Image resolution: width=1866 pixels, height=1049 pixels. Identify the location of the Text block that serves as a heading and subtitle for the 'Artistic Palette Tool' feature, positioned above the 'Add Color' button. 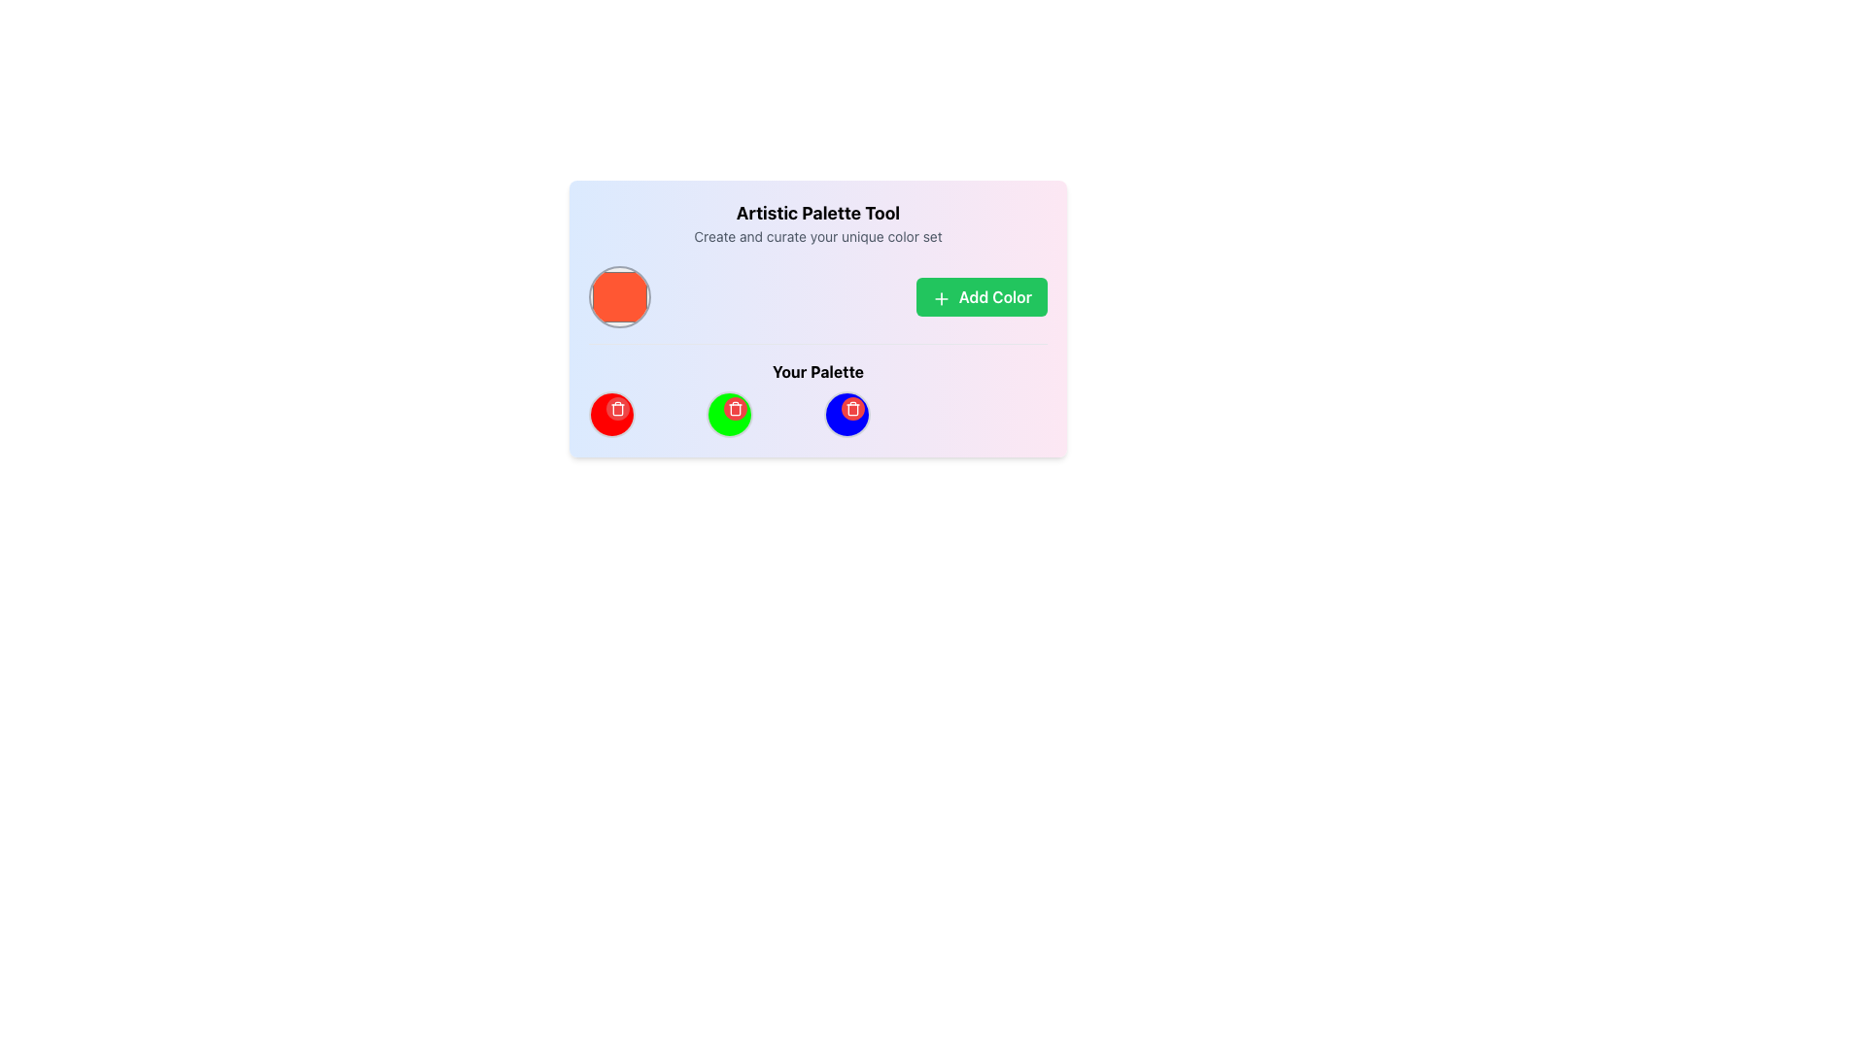
(817, 222).